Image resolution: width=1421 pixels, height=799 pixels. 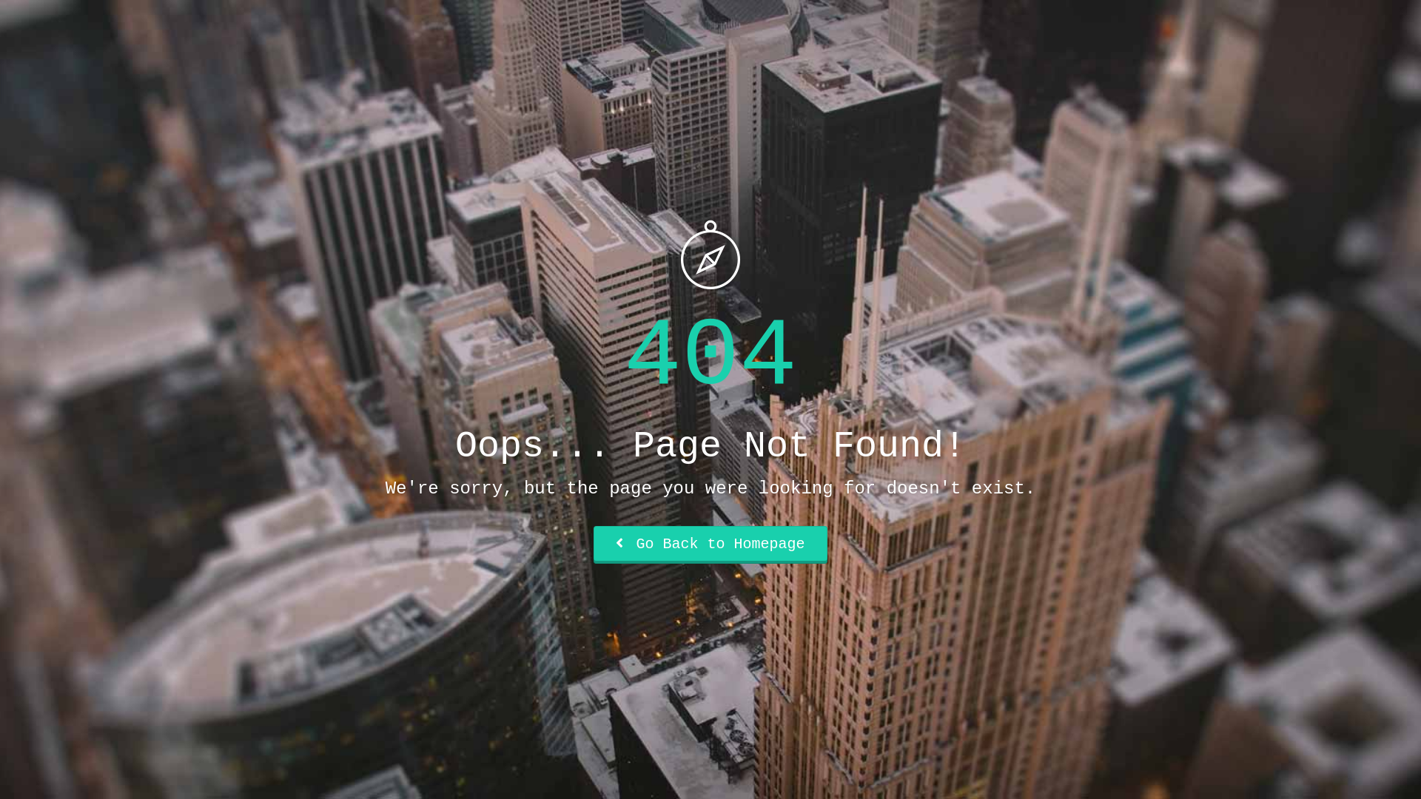 I want to click on 'Go Back to Homepage', so click(x=709, y=545).